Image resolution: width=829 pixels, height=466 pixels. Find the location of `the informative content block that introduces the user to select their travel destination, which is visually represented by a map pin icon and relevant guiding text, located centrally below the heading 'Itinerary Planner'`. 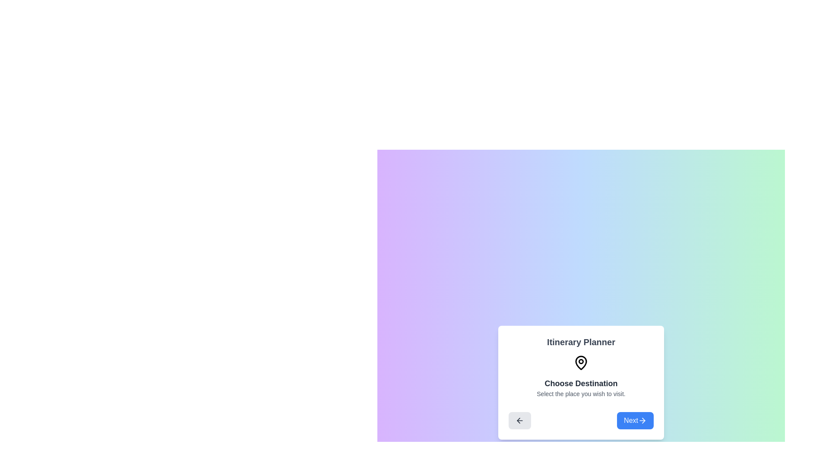

the informative content block that introduces the user to select their travel destination, which is visually represented by a map pin icon and relevant guiding text, located centrally below the heading 'Itinerary Planner' is located at coordinates (581, 376).